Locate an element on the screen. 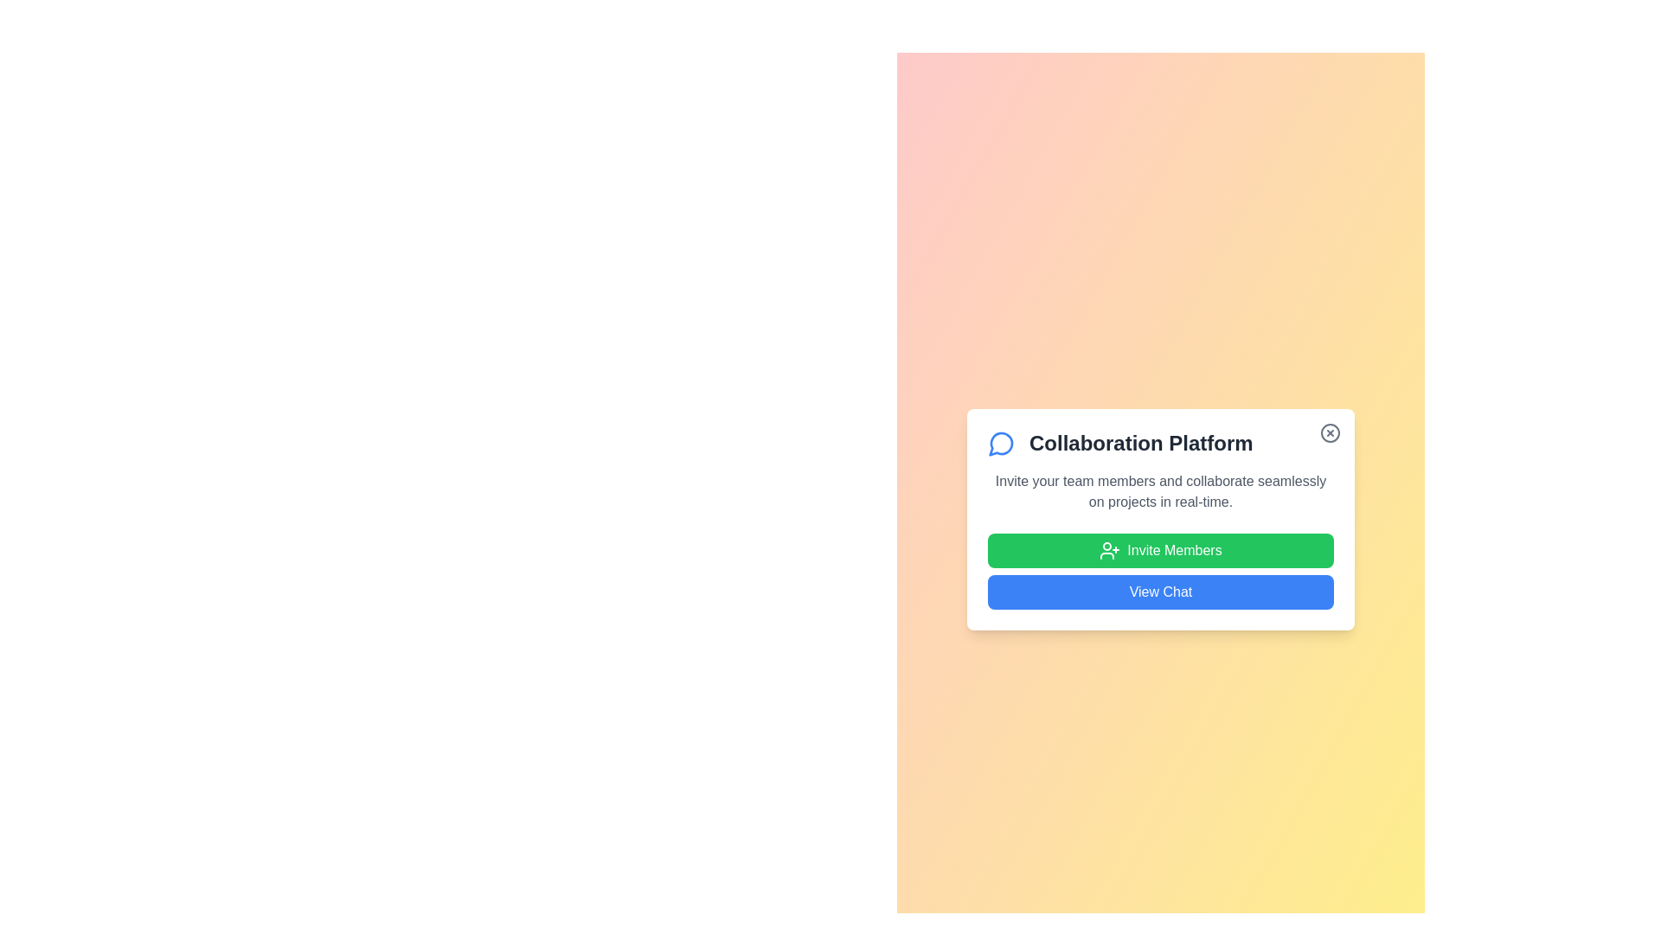  the 'Invite Members' button to initiate the member invitation process is located at coordinates (1161, 550).